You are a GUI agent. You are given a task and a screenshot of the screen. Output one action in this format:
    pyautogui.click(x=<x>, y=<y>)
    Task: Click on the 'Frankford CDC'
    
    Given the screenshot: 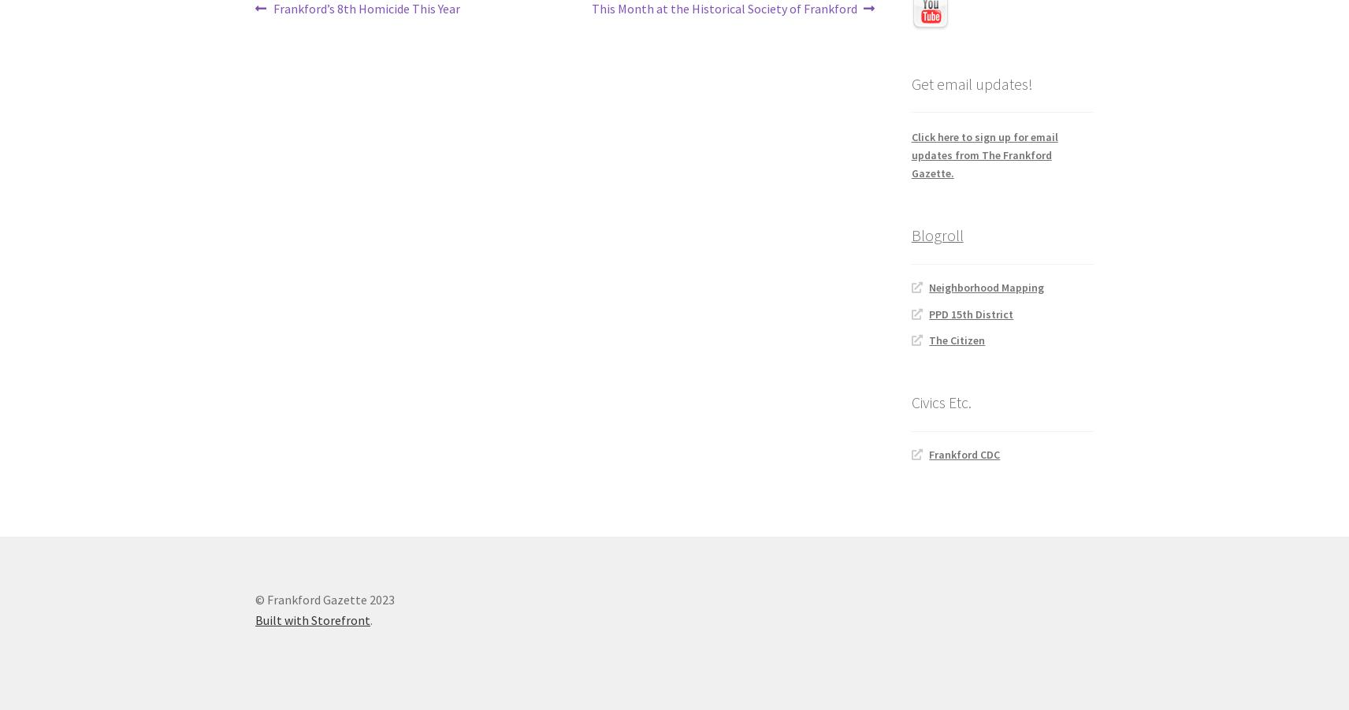 What is the action you would take?
    pyautogui.click(x=964, y=453)
    